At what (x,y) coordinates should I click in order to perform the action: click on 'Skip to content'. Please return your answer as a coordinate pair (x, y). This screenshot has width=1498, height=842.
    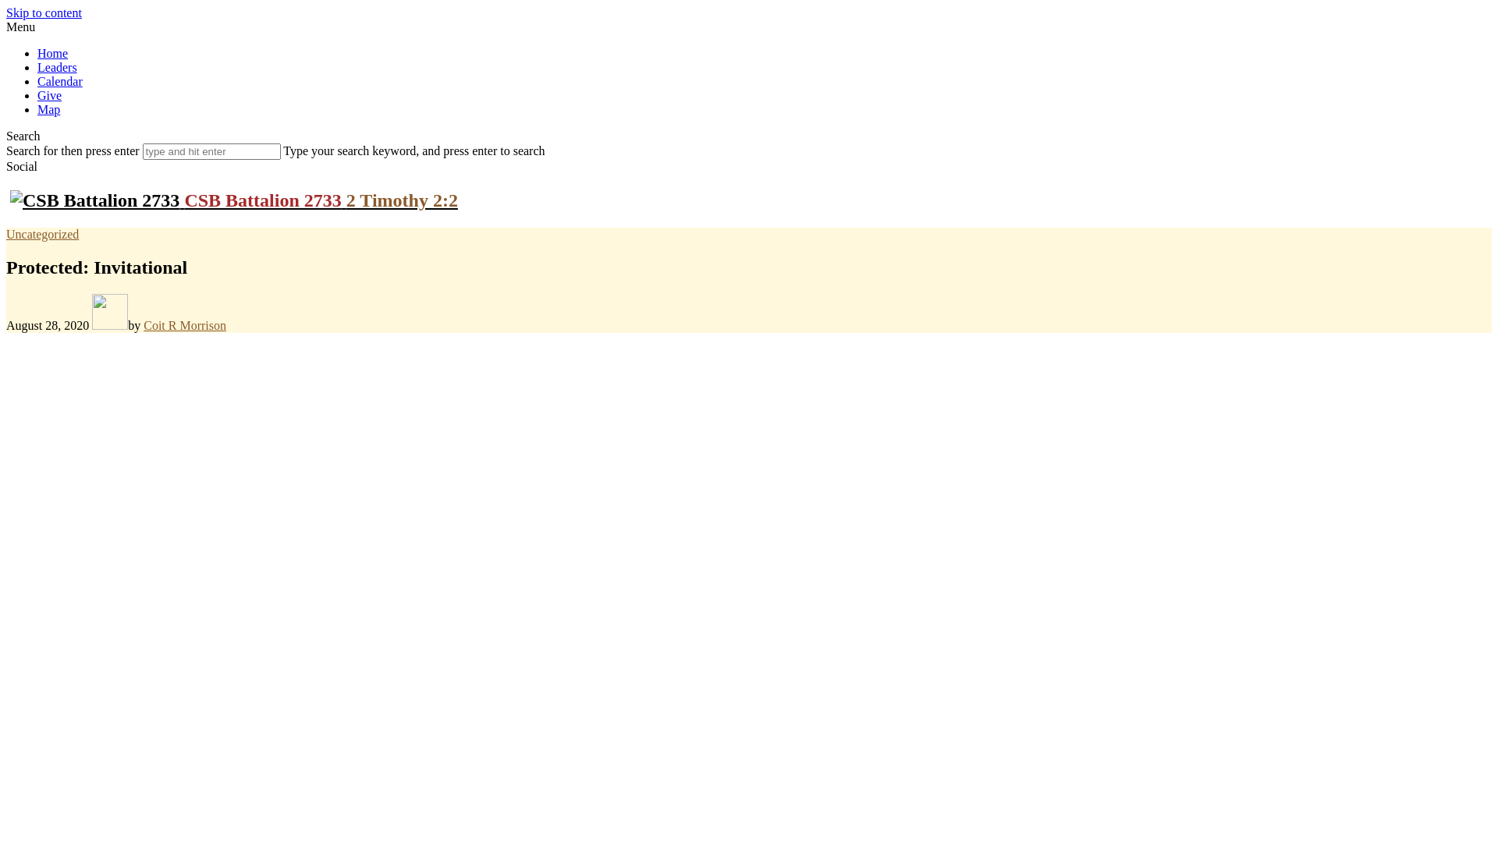
    Looking at the image, I should click on (44, 12).